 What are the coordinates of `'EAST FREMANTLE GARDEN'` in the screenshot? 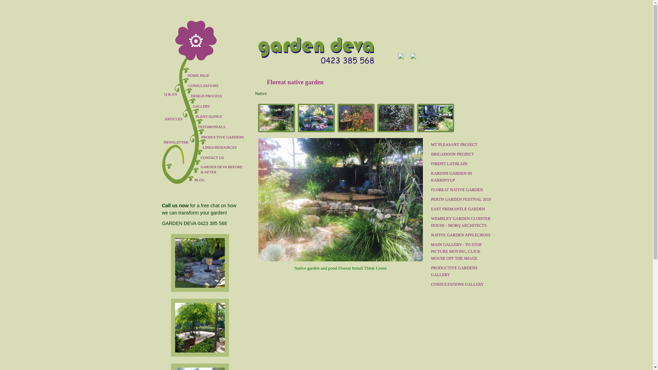 It's located at (461, 208).